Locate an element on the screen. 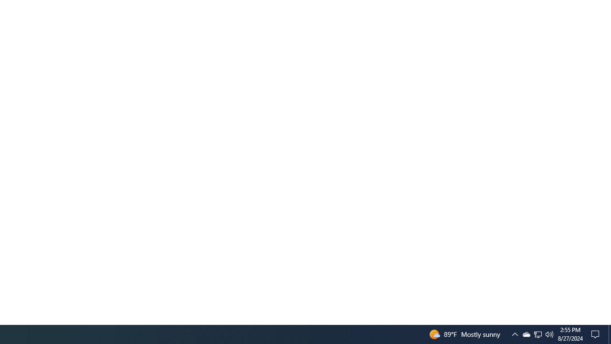  'User Promoted Notification Area' is located at coordinates (538, 333).